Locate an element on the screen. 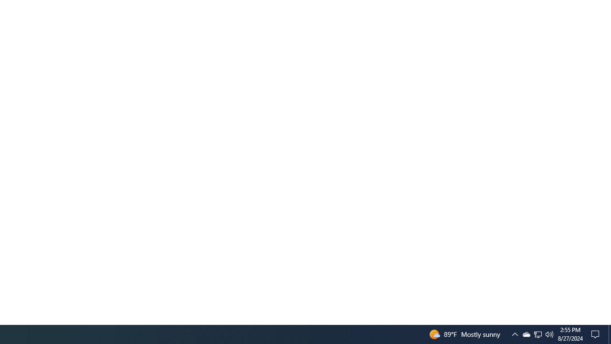  'User Promoted Notification Area' is located at coordinates (538, 333).